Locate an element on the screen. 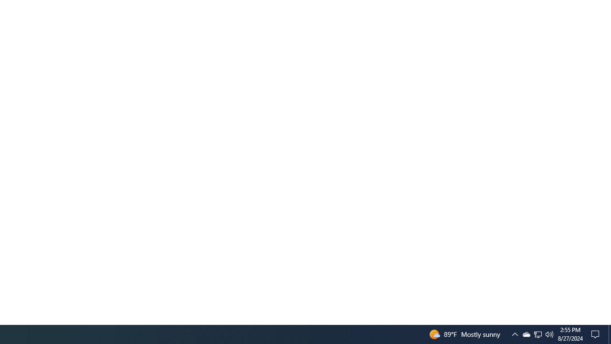  'User Promoted Notification Area' is located at coordinates (538, 333).